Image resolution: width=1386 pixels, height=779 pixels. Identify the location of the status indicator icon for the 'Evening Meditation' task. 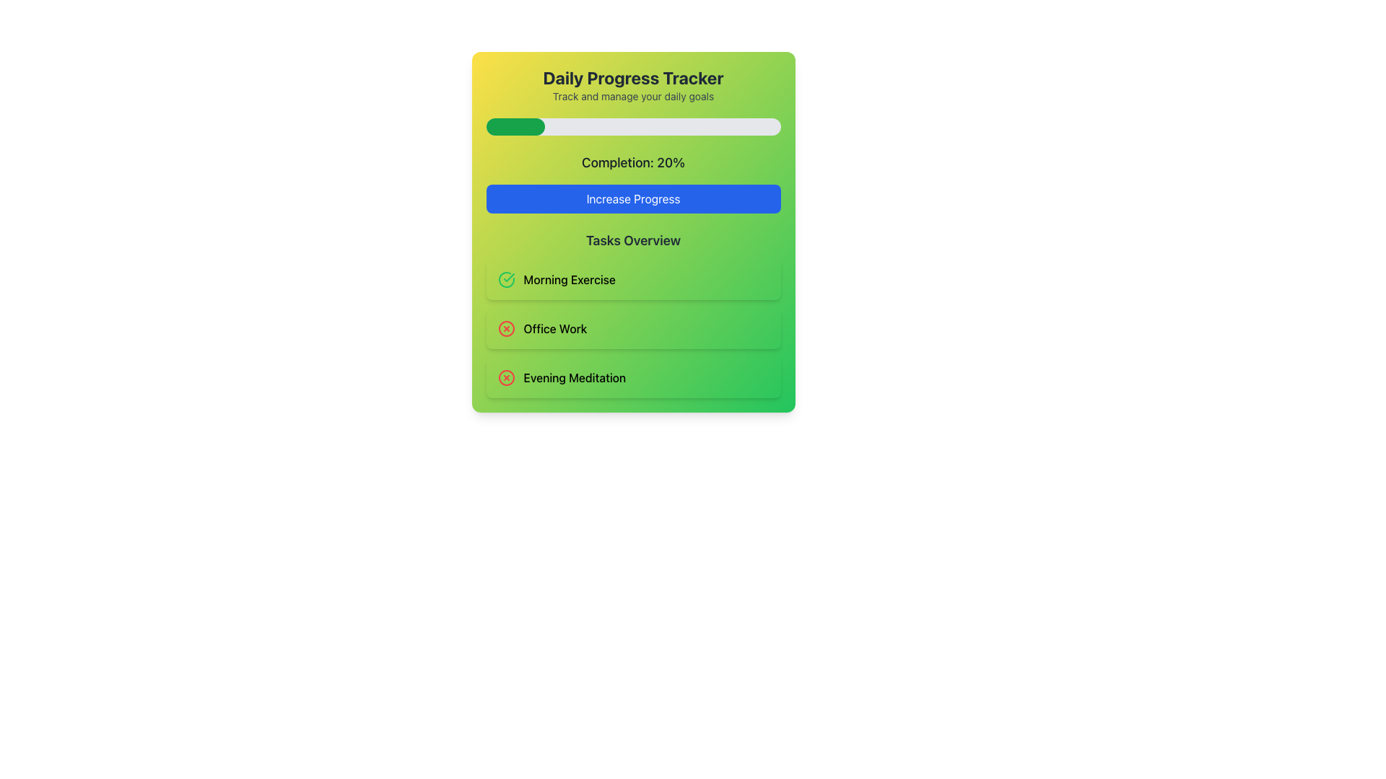
(506, 377).